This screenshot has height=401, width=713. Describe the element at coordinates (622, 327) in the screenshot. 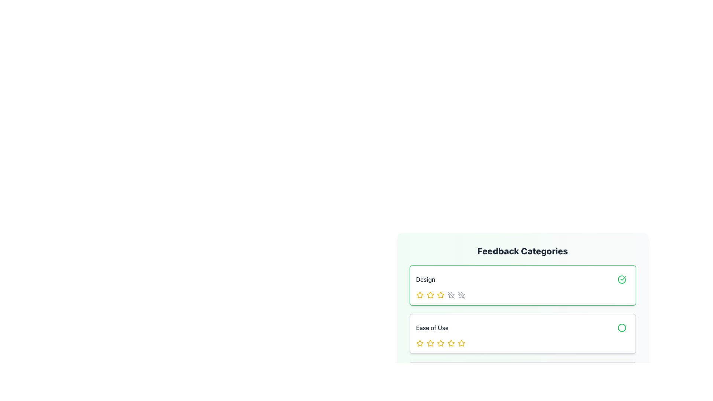

I see `the circular icon with a green border and dot, located at the rightmost end of the 'Ease of Use' row` at that location.